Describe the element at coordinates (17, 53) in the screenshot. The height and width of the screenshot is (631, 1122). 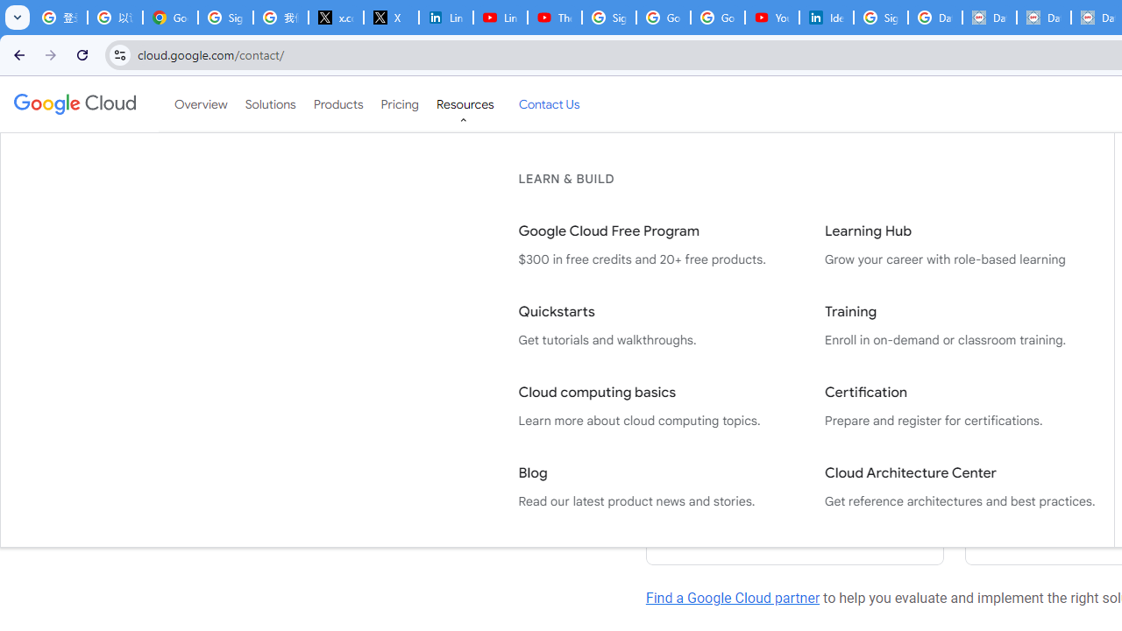
I see `'Back'` at that location.